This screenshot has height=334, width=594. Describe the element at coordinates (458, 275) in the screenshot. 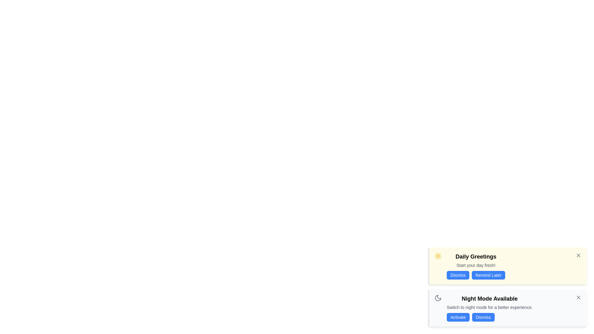

I see `'Dismiss' button for the 'Daily Greetings' notification` at that location.